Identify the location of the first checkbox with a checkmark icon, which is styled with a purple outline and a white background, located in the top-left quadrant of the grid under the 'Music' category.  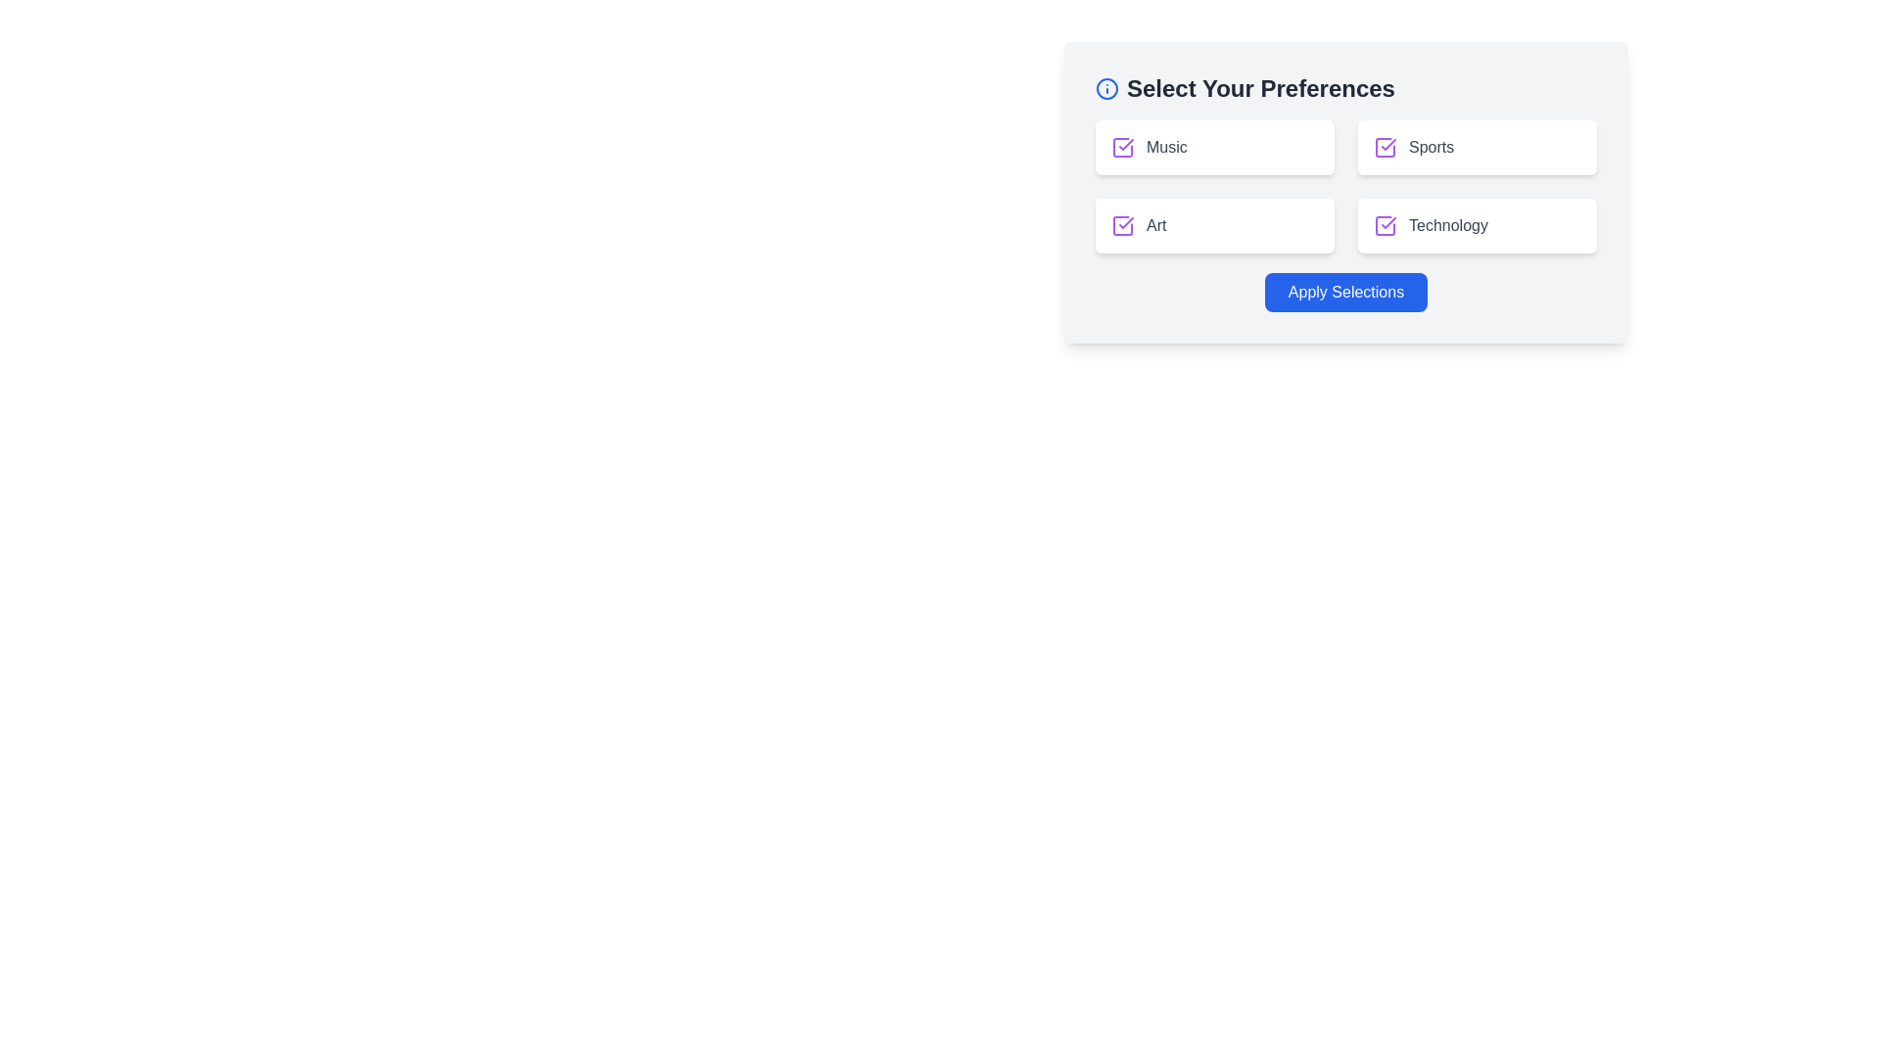
(1123, 146).